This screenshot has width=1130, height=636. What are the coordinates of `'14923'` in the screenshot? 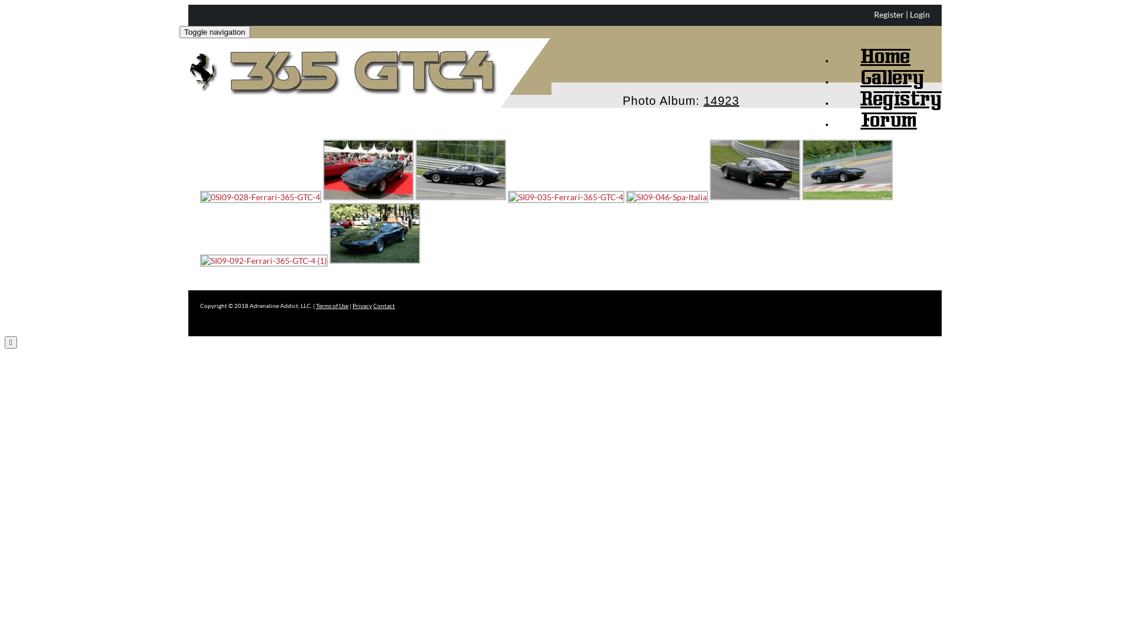 It's located at (720, 94).